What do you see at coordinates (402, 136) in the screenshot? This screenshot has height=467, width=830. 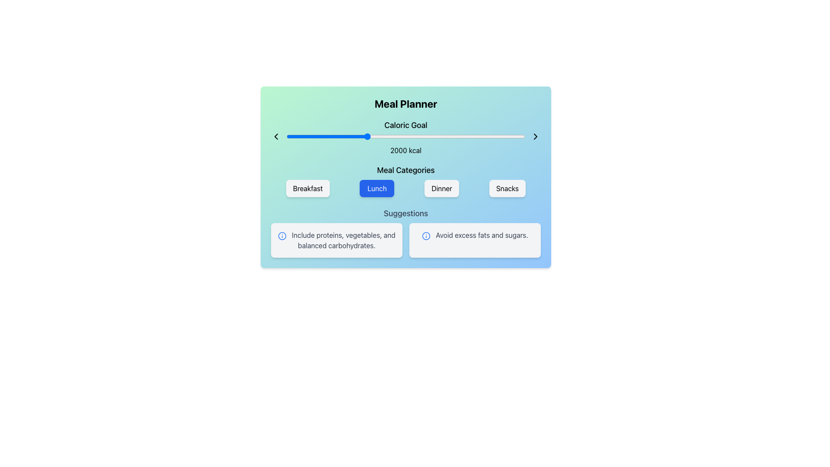 I see `the caloric goal` at bounding box center [402, 136].